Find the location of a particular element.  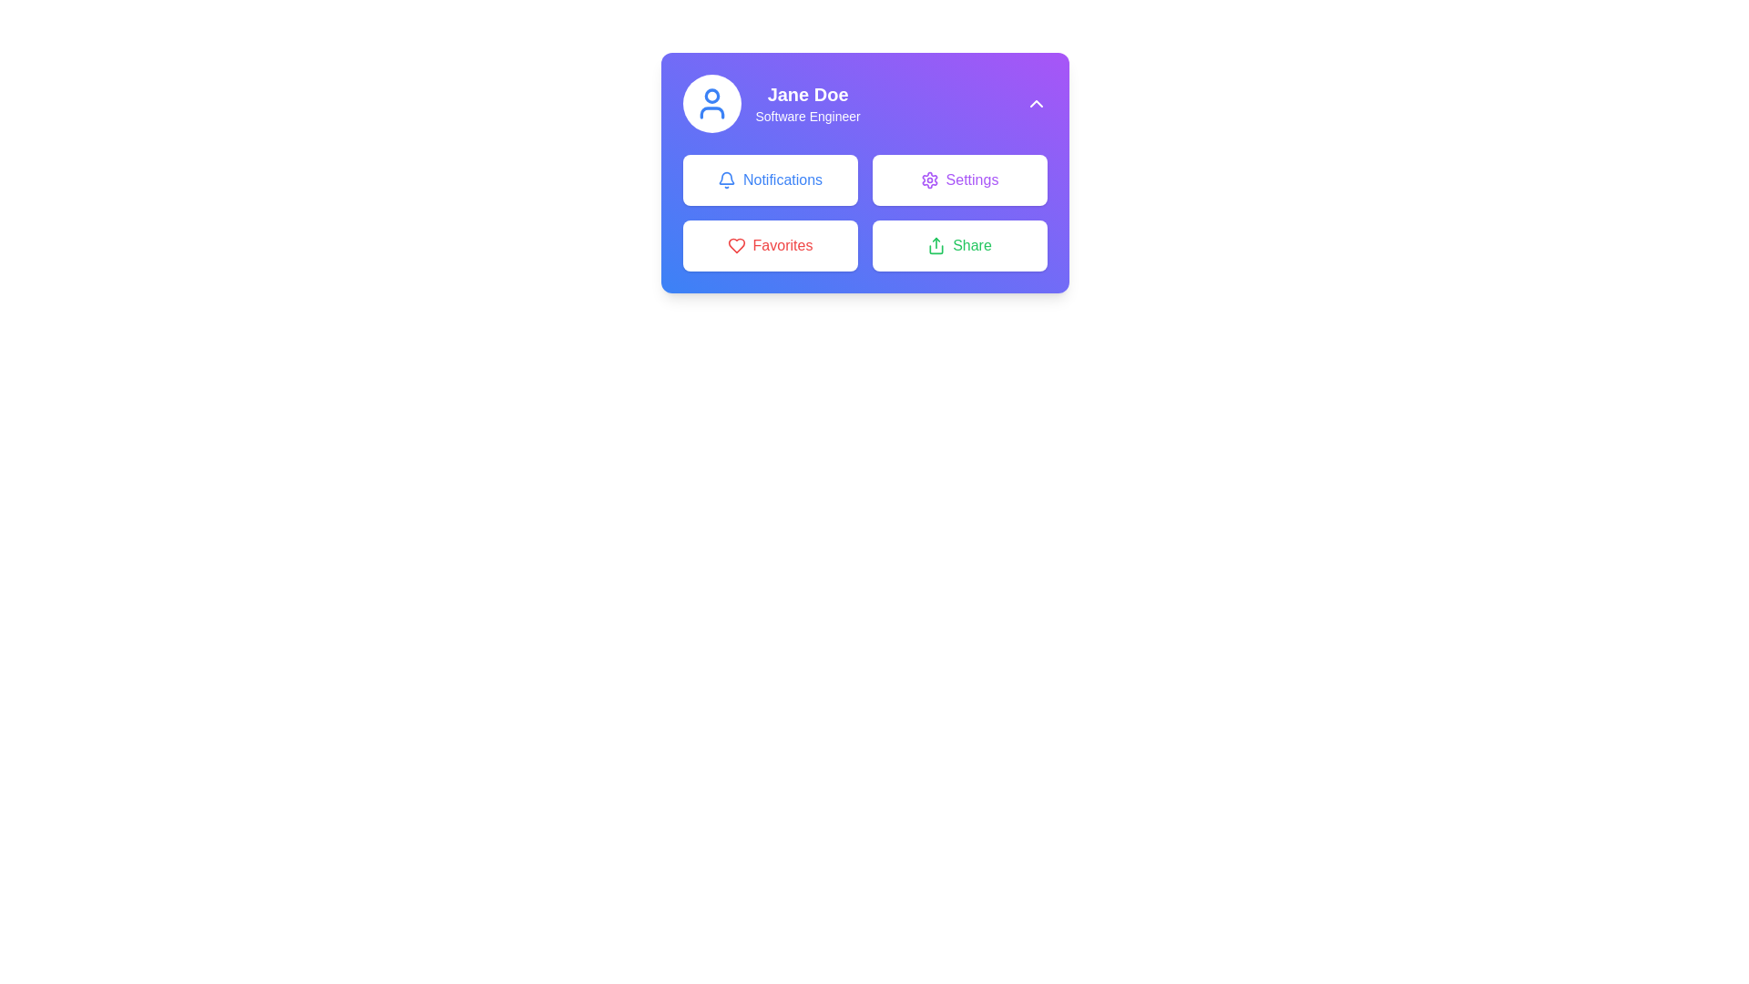

the cogwheel-shaped settings button located in the top-right area of the card component is located at coordinates (929, 179).